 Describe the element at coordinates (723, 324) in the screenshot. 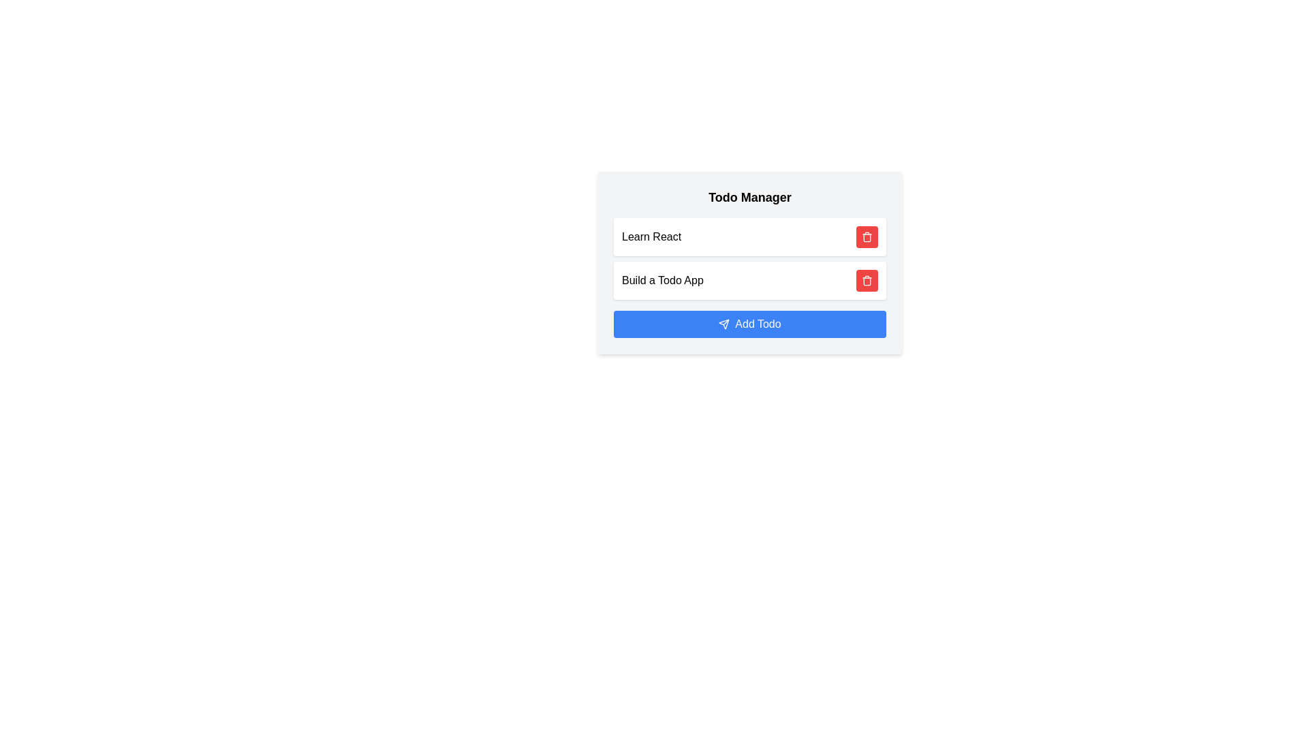

I see `the state of the icon associated with the 'Add Todo' button, located towards the left side of the button's label` at that location.